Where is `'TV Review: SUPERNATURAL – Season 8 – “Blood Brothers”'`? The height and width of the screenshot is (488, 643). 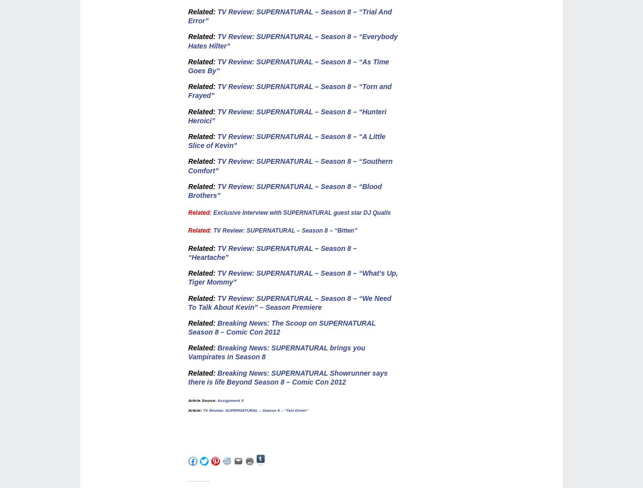
'TV Review: SUPERNATURAL – Season 8 – “Blood Brothers”' is located at coordinates (284, 190).